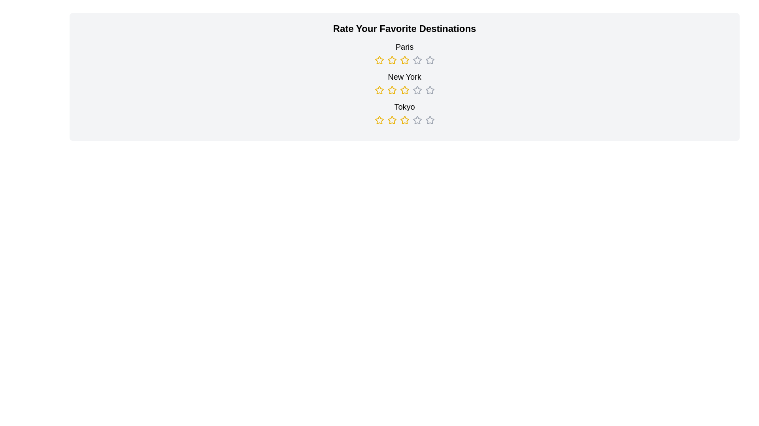 The width and height of the screenshot is (759, 426). Describe the element at coordinates (404, 60) in the screenshot. I see `across the interactive rating component composed of clickable stars located below the heading 'Paris'` at that location.